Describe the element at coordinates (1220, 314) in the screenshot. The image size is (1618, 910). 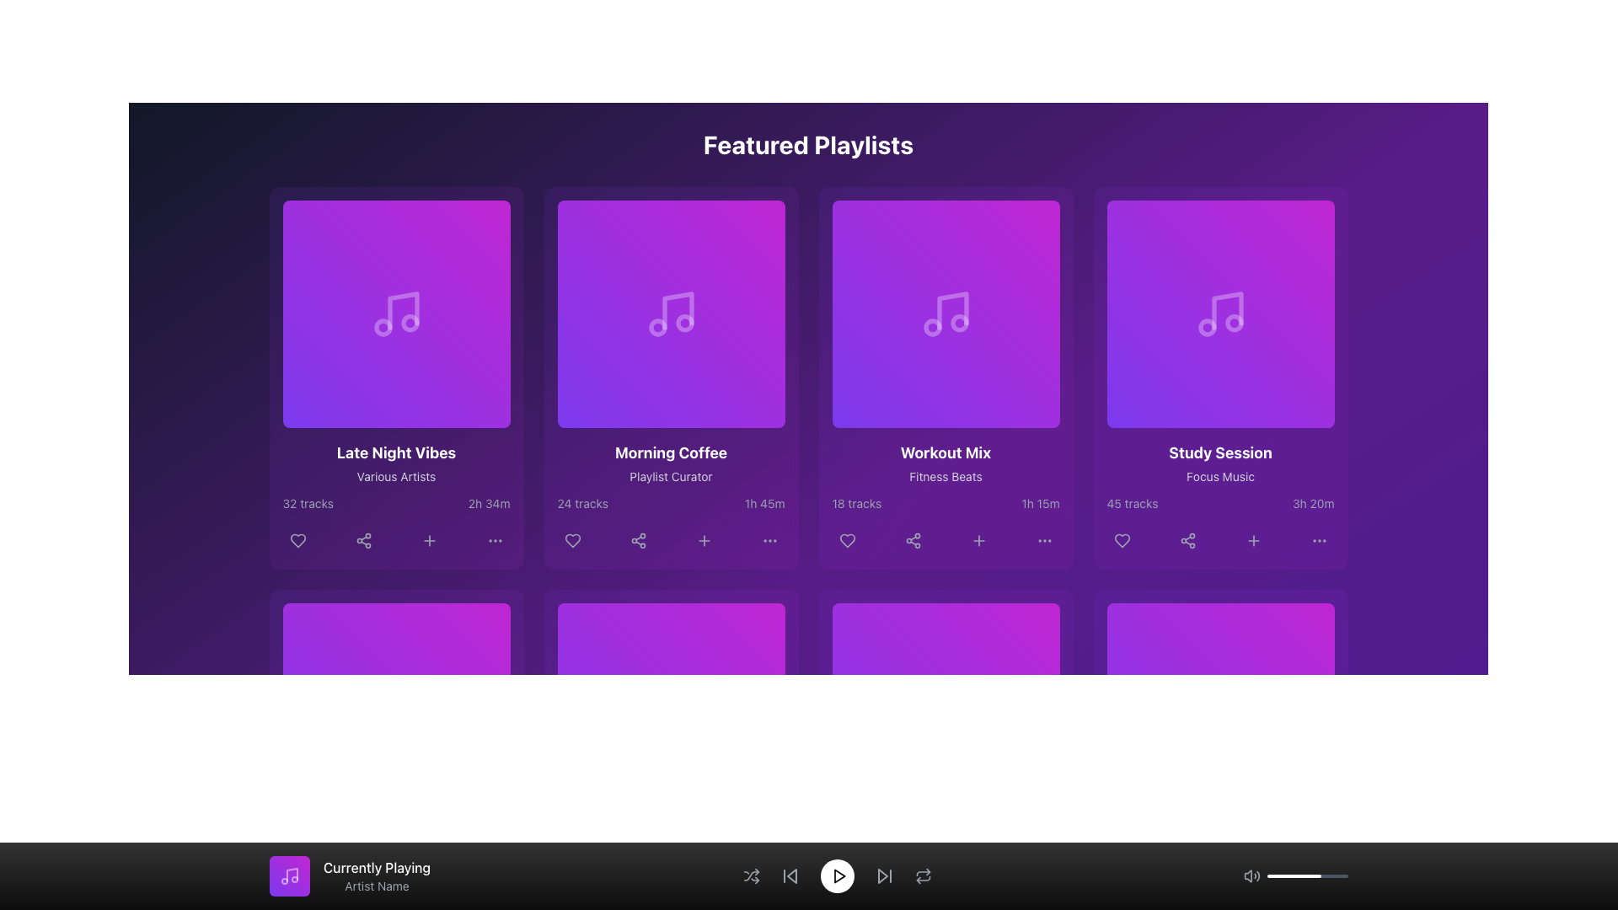
I see `the circular play button located within the 'Study Session' card that has a gradient background and a play icon inside to play media` at that location.